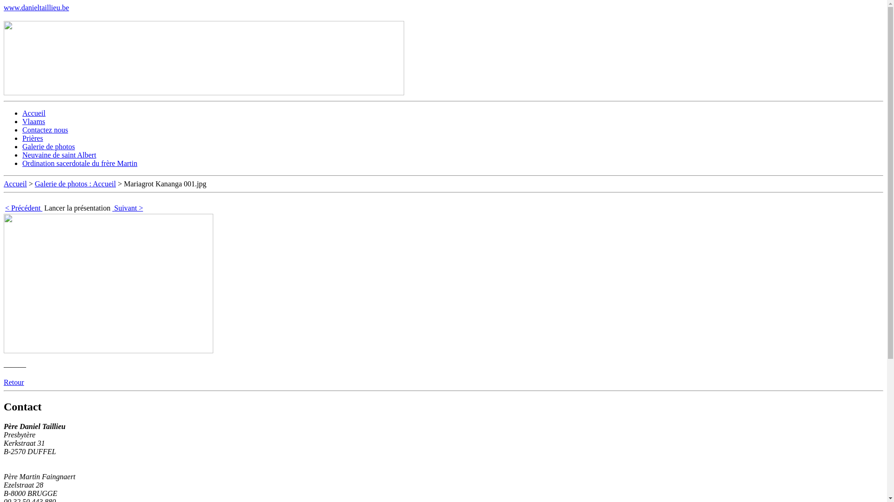  Describe the element at coordinates (14, 382) in the screenshot. I see `'Retour'` at that location.